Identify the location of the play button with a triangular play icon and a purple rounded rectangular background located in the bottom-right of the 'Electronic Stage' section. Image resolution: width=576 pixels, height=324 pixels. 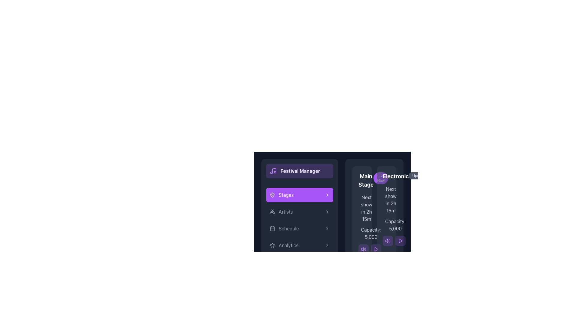
(376, 249).